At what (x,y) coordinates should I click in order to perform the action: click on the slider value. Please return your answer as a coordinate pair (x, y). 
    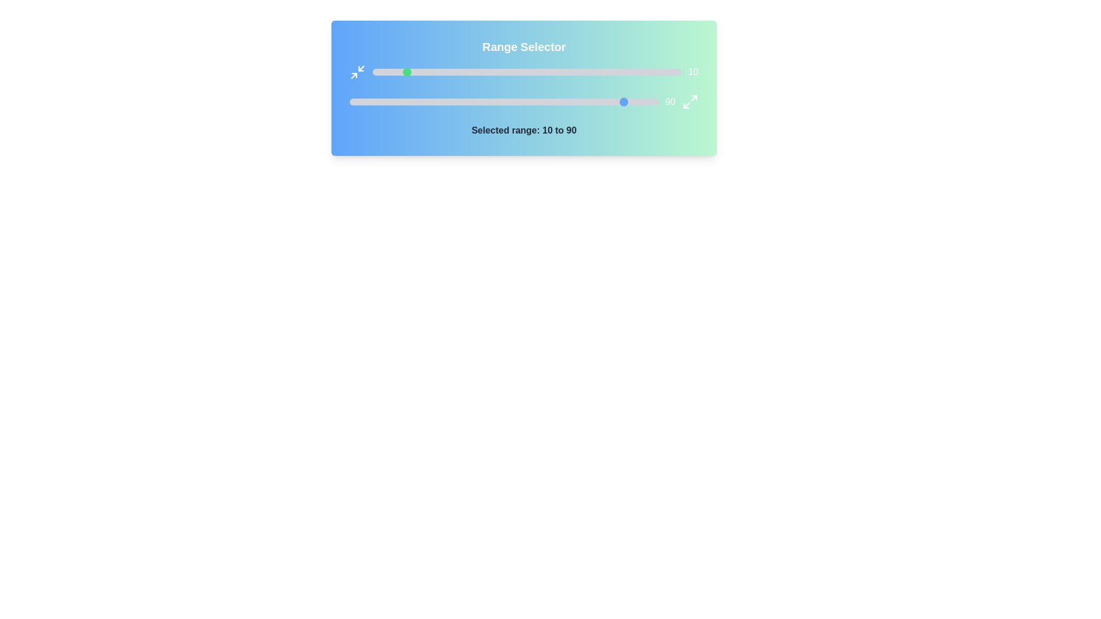
    Looking at the image, I should click on (506, 101).